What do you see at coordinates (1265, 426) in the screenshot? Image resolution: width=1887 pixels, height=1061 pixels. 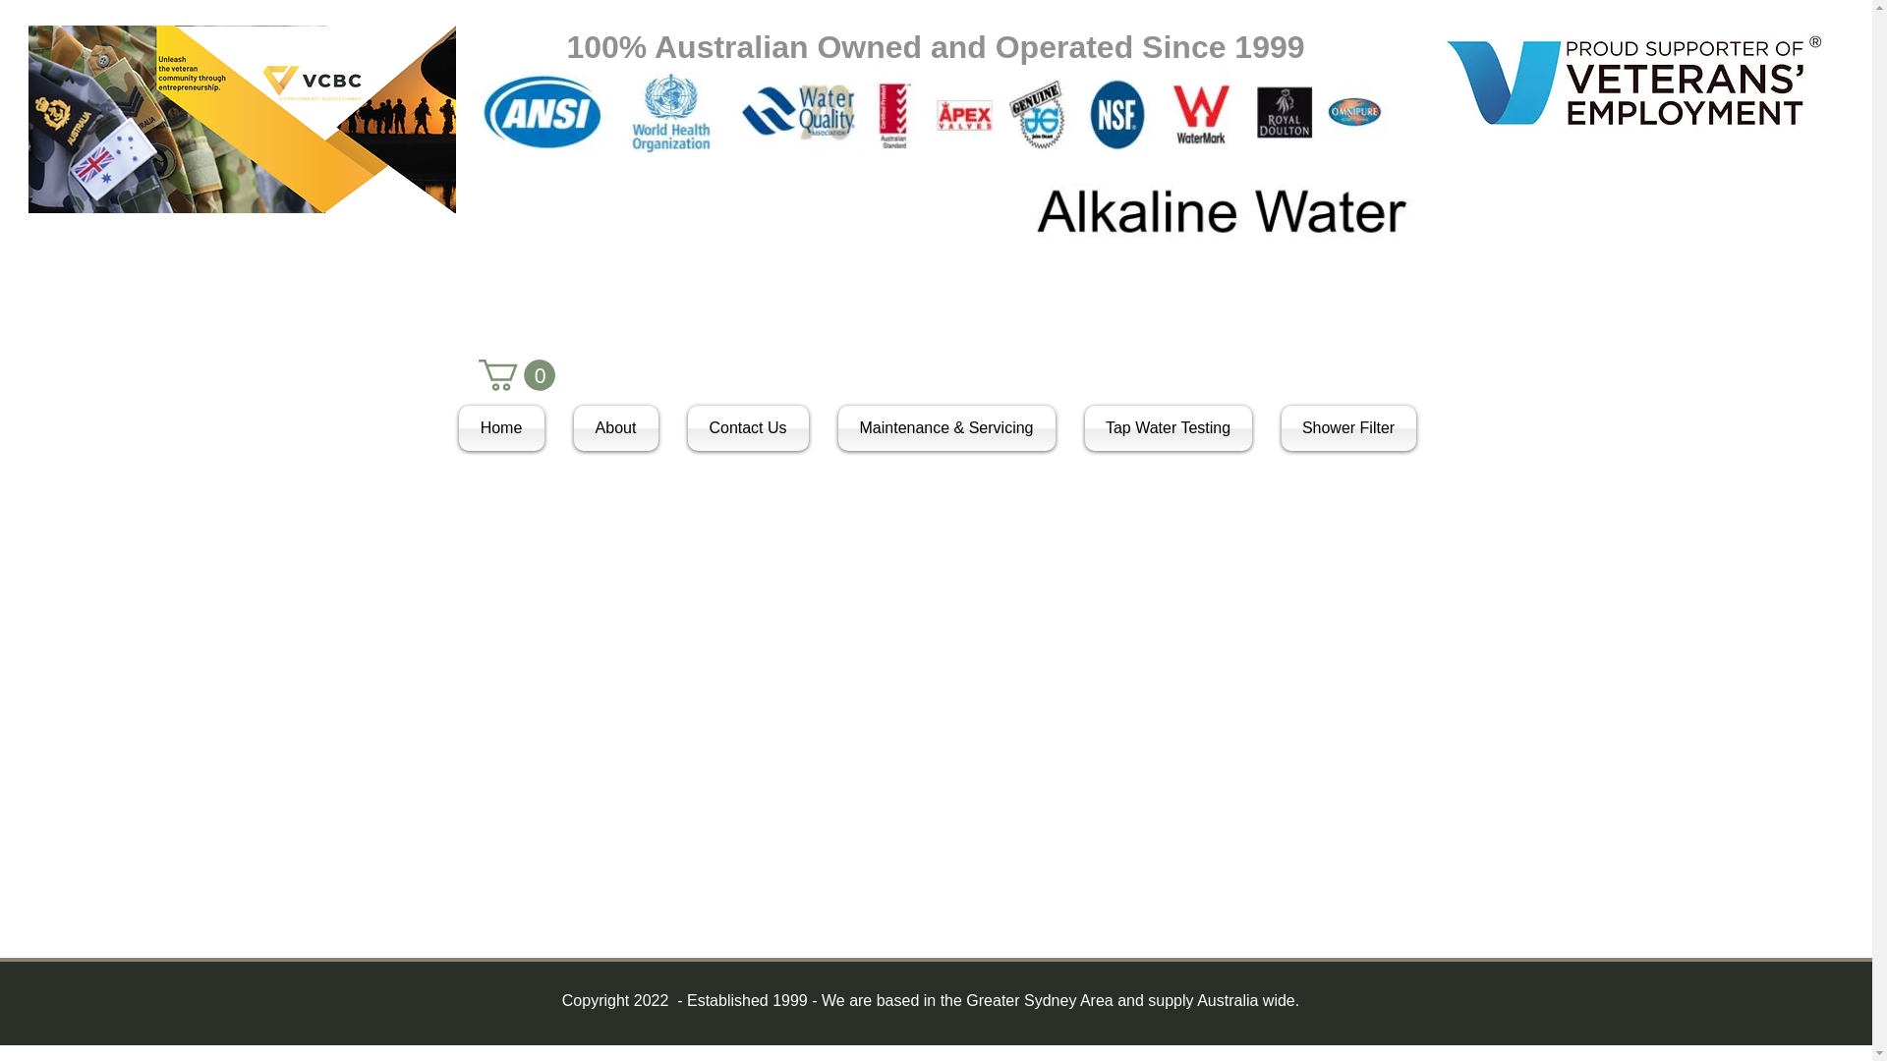 I see `'Shower Filter'` at bounding box center [1265, 426].